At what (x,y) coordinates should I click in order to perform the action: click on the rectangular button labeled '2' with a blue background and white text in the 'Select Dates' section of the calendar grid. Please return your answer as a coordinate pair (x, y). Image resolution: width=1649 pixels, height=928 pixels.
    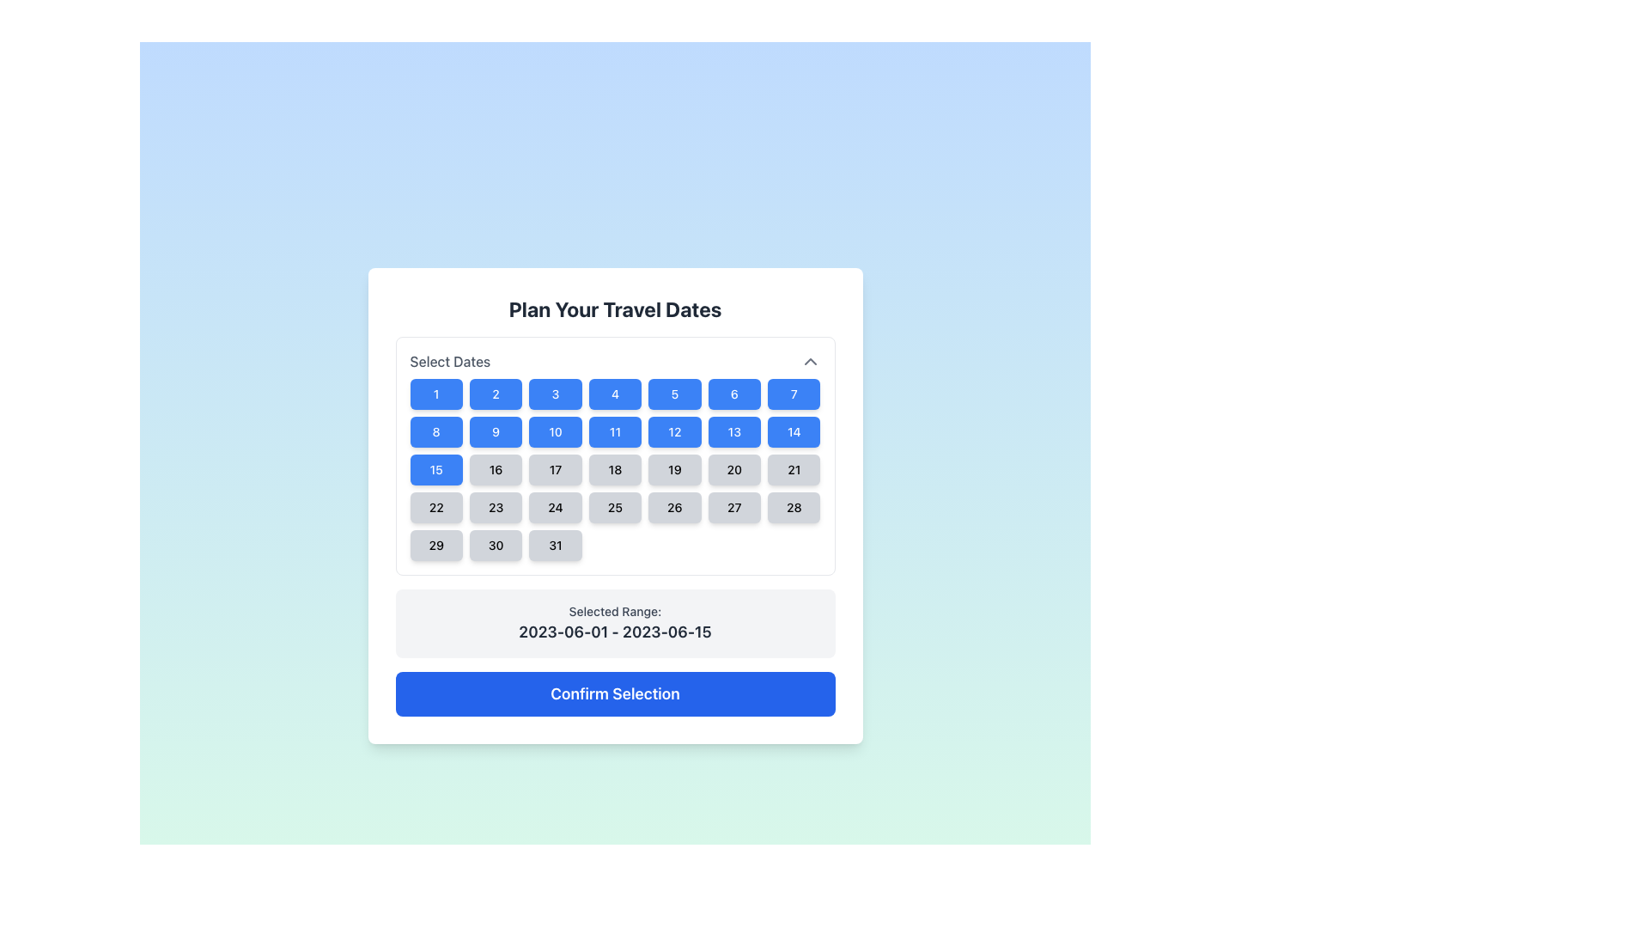
    Looking at the image, I should click on (495, 394).